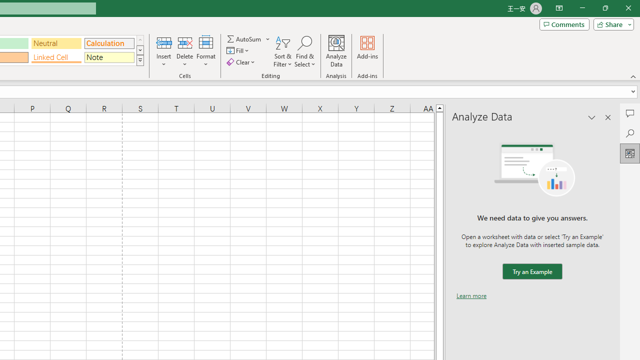 The width and height of the screenshot is (640, 360). What do you see at coordinates (248, 38) in the screenshot?
I see `'AutoSum'` at bounding box center [248, 38].